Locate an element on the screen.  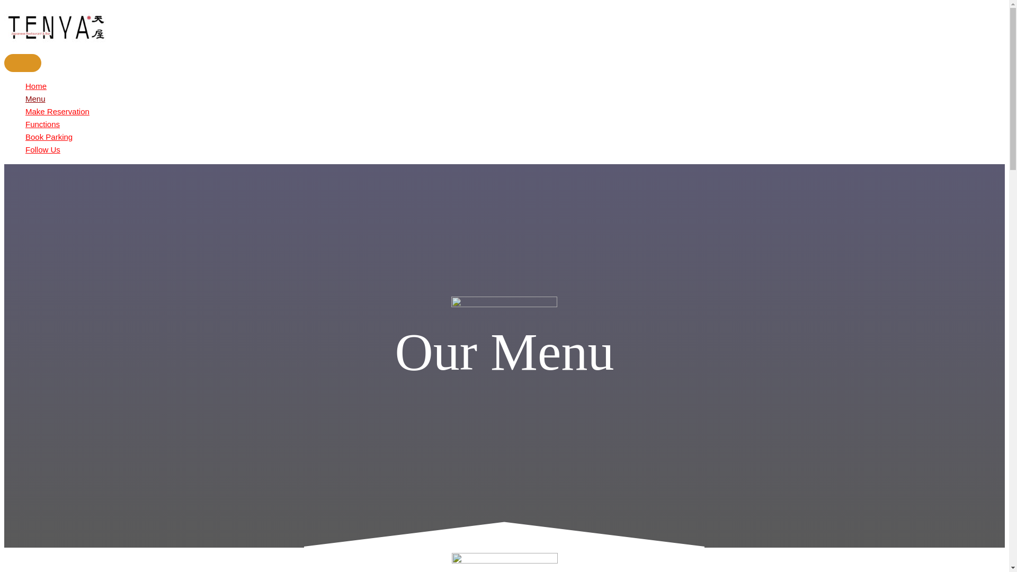
'Make Reservation' is located at coordinates (343, 112).